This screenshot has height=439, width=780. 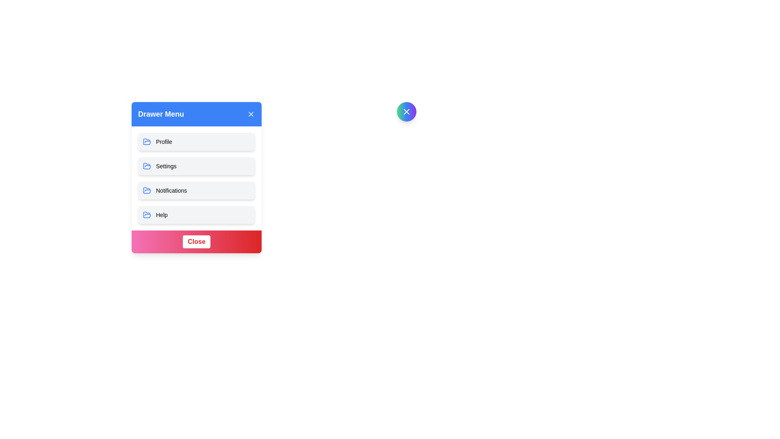 What do you see at coordinates (197, 241) in the screenshot?
I see `the 'Close' button, which is a rectangular button with rounded corners, styled with a gradient from pink to red, located at the bottom of the drawer menu` at bounding box center [197, 241].